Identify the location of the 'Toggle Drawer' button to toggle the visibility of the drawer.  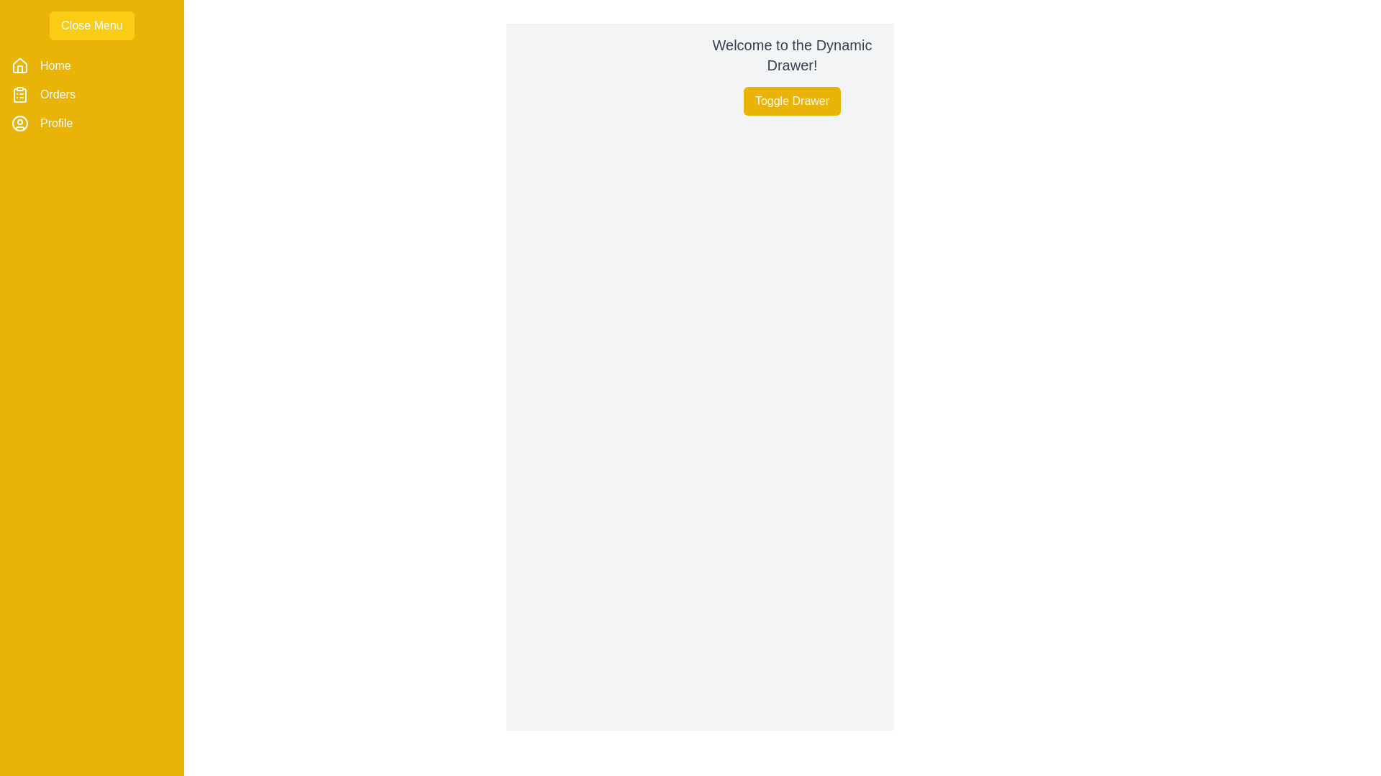
(791, 101).